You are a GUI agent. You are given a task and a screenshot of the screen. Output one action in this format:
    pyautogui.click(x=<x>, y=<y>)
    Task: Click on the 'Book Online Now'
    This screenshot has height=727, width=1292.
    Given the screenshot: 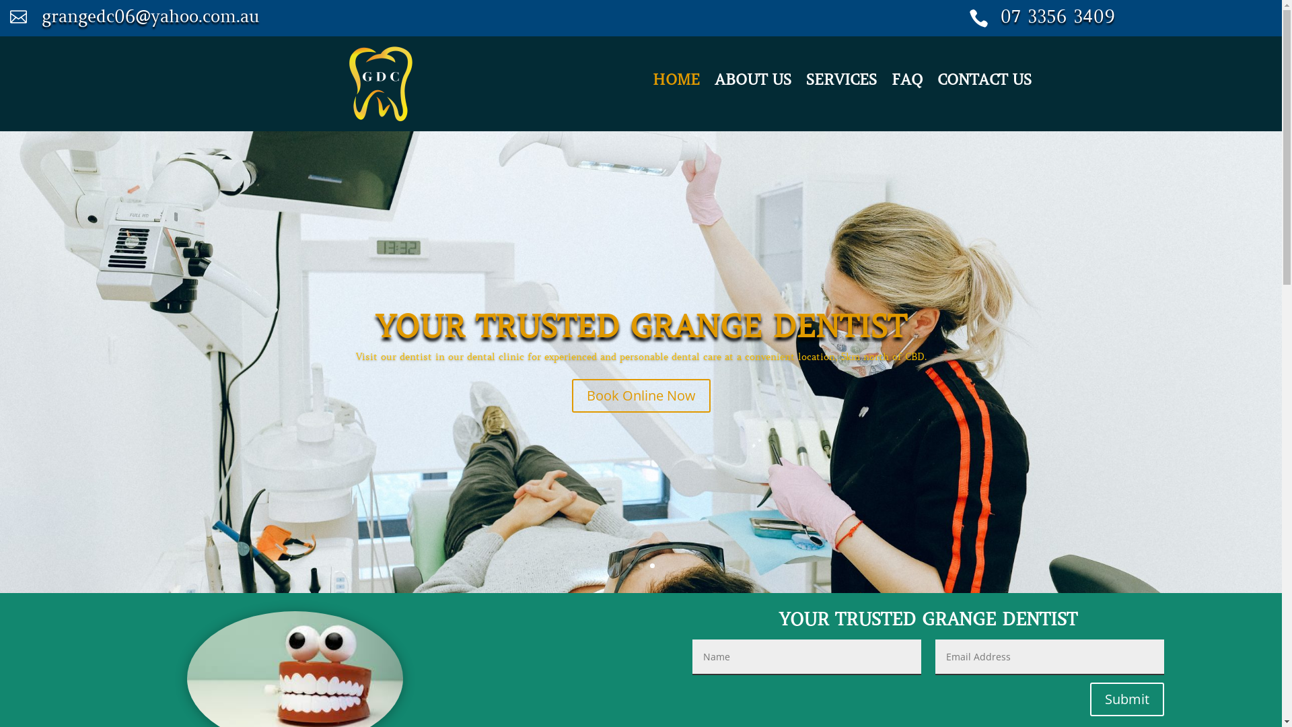 What is the action you would take?
    pyautogui.click(x=641, y=394)
    